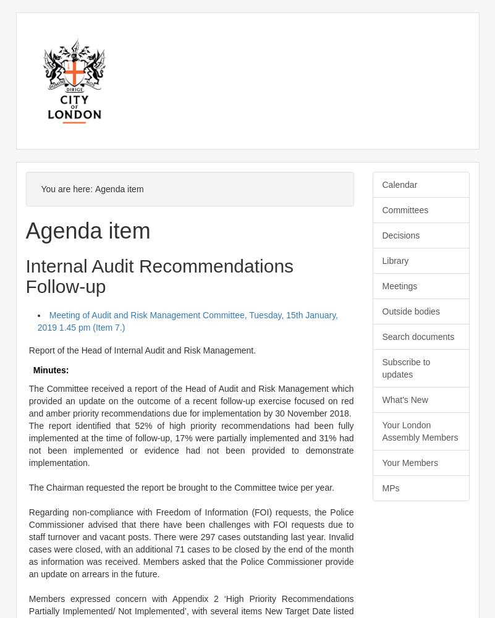 The width and height of the screenshot is (495, 618). What do you see at coordinates (191, 400) in the screenshot?
I see `'The Committee
received a report of the Head of Audit and Risk Management which
provided an update on the outcome of a recent follow-up exercise
focused on red and amber priority recommendations due for
implementation by 30 November 2018.'` at bounding box center [191, 400].